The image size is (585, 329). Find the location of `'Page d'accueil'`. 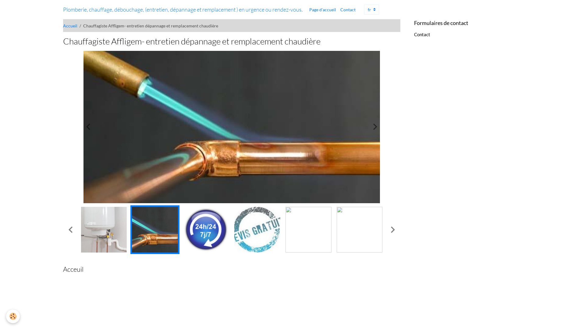

'Page d'accueil' is located at coordinates (307, 9).